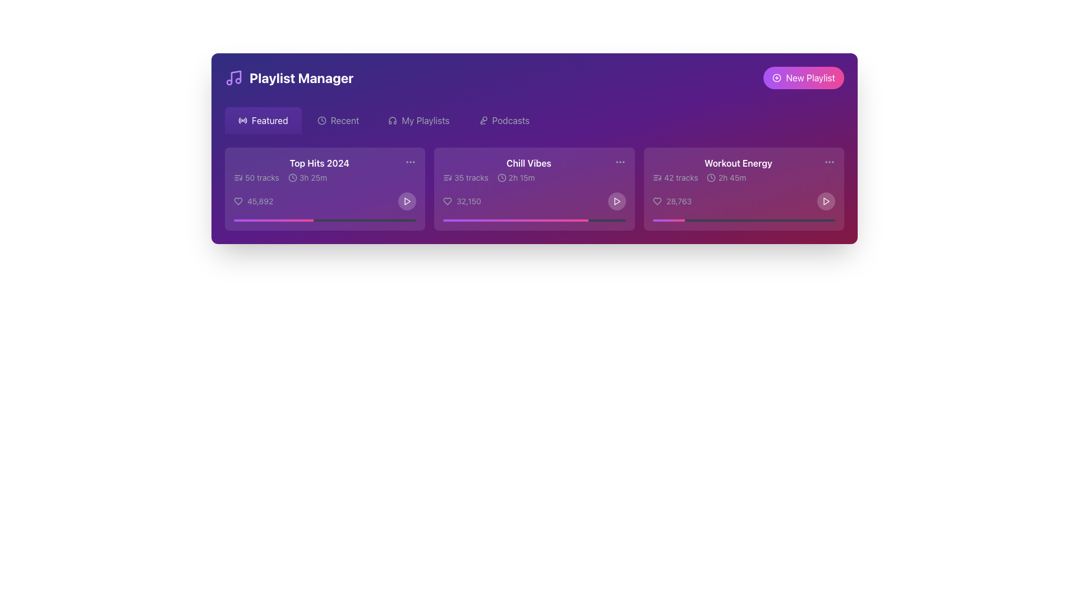  What do you see at coordinates (324, 221) in the screenshot?
I see `the horizontal progress bar located at the bottom of the first card in the playlist panel, which is styled with a gray background and a gradient-filled portion transitioning from purple to pink` at bounding box center [324, 221].